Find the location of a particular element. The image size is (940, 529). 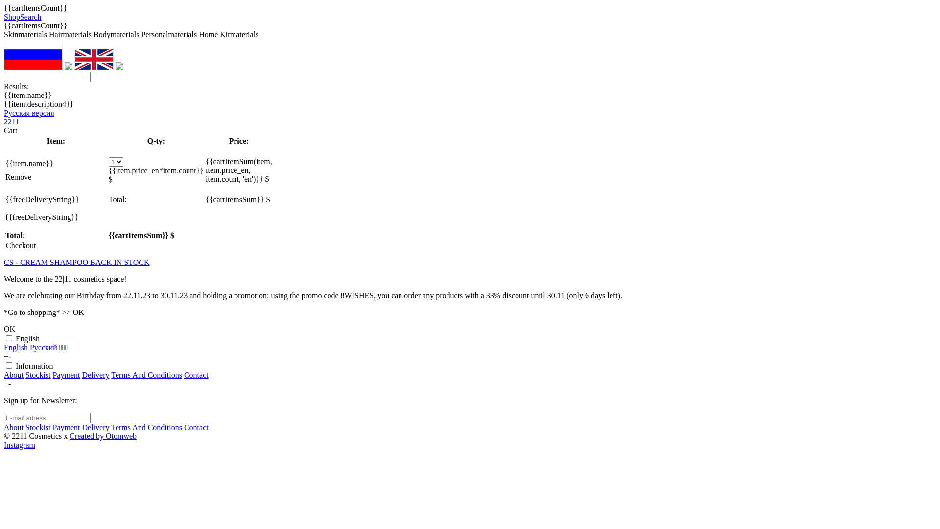

'Payment' is located at coordinates (66, 427).